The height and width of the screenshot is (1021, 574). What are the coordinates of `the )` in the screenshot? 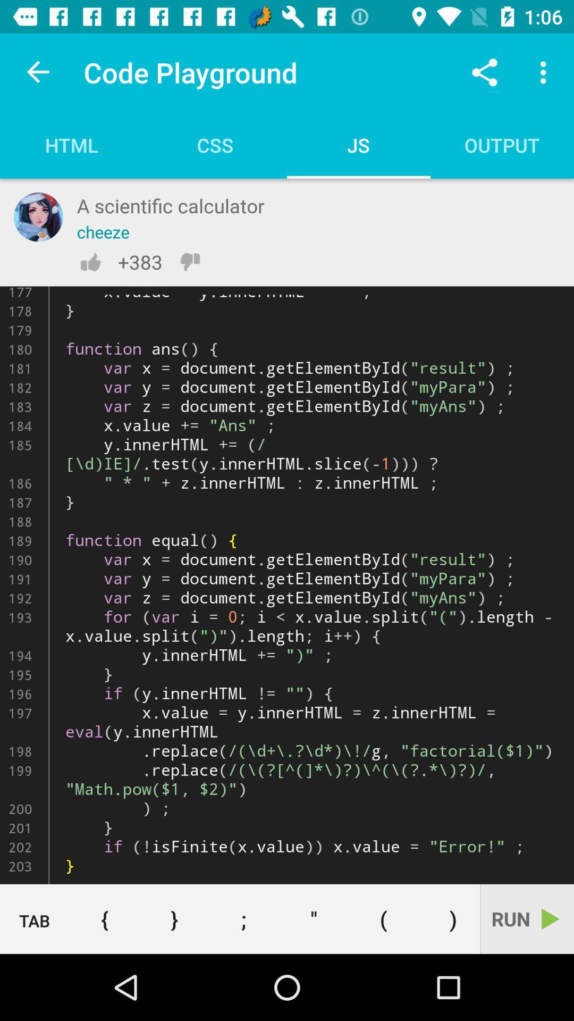 It's located at (449, 918).